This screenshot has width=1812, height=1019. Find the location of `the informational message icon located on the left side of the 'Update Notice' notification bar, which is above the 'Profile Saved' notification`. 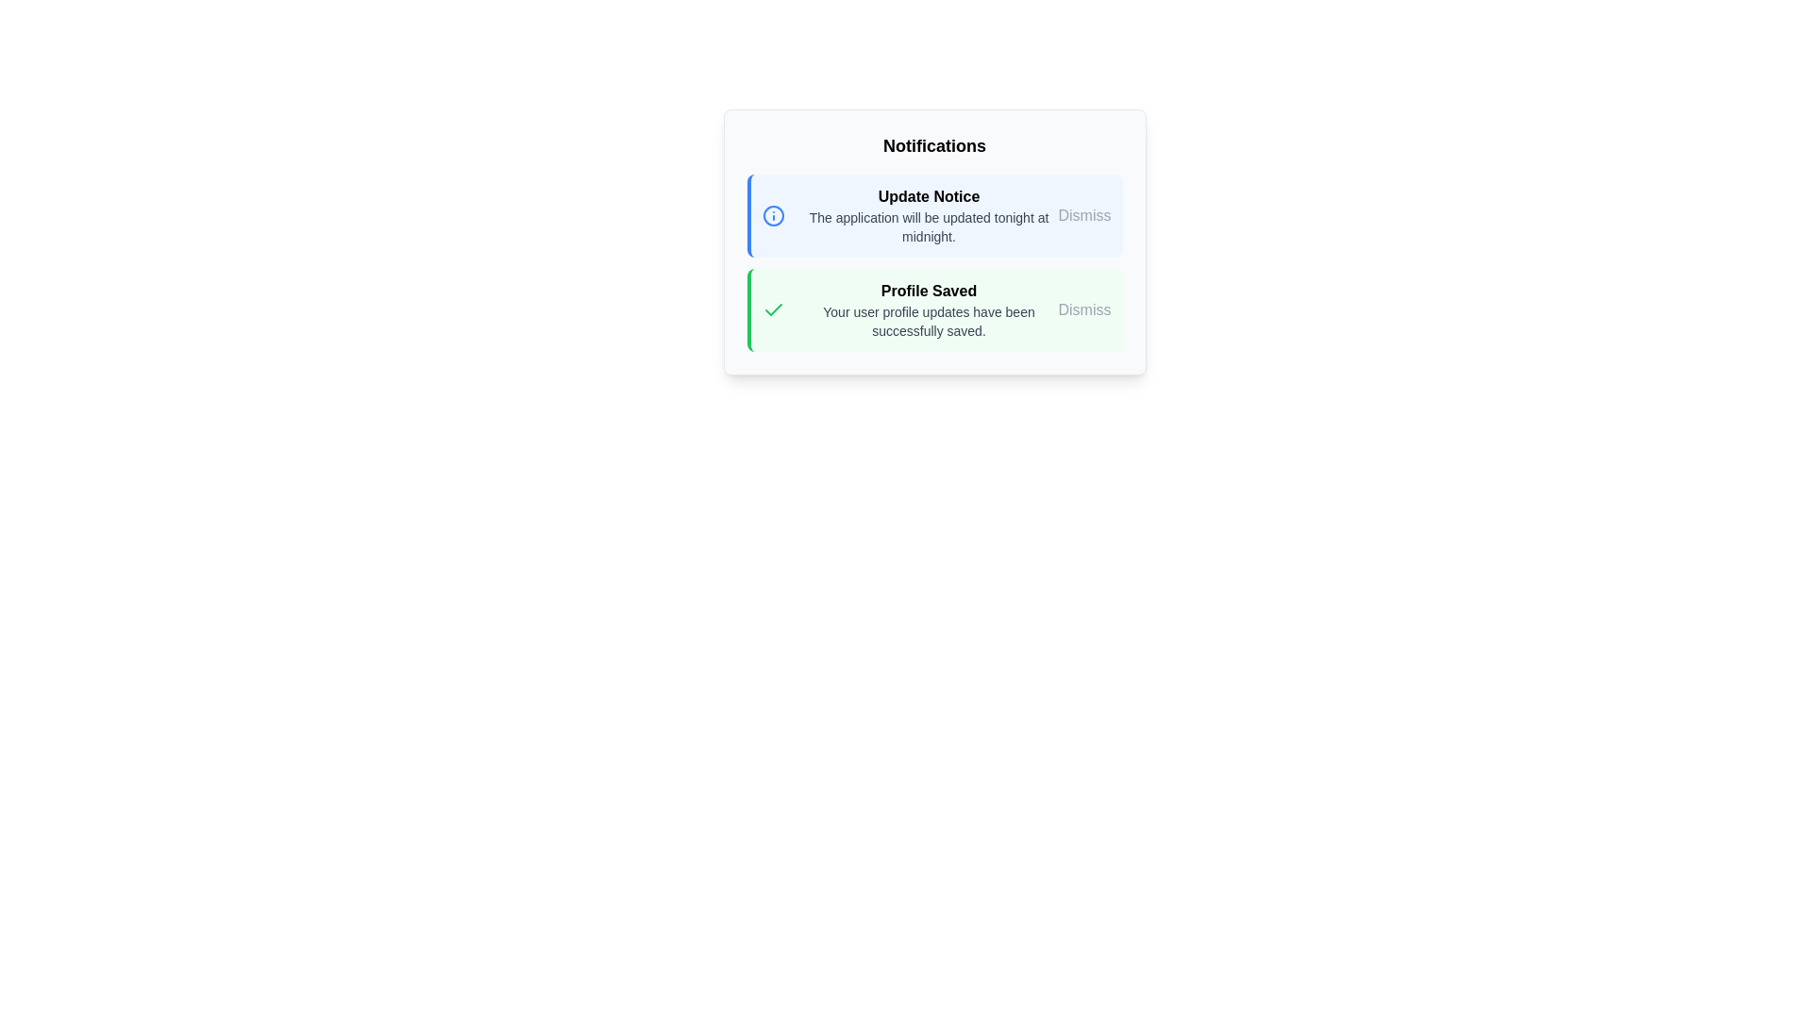

the informational message icon located on the left side of the 'Update Notice' notification bar, which is above the 'Profile Saved' notification is located at coordinates (773, 214).